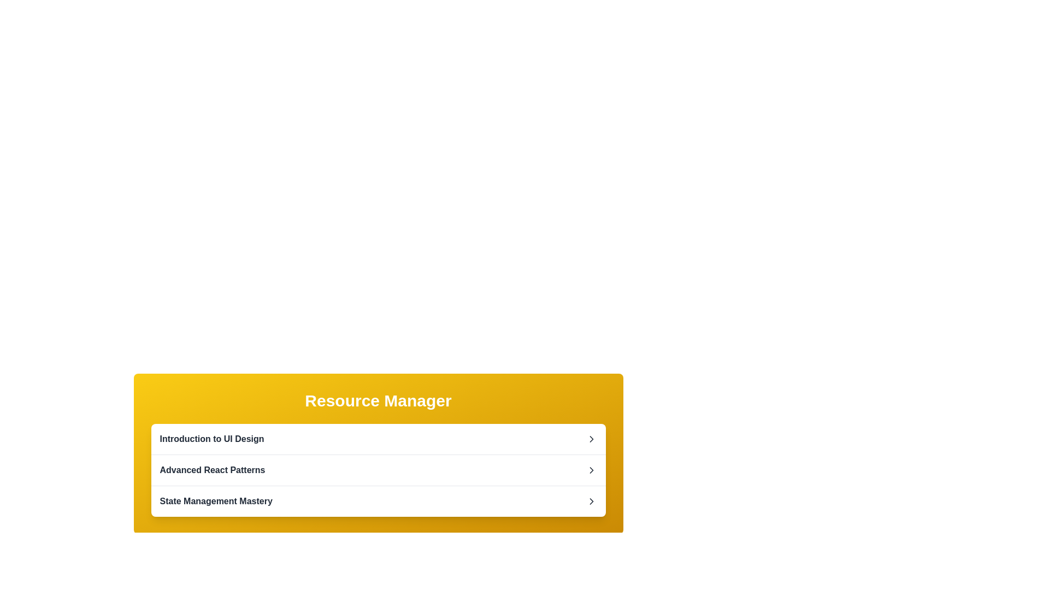 The width and height of the screenshot is (1049, 590). Describe the element at coordinates (378, 469) in the screenshot. I see `the second clickable list item in the 'Resource Manager' section` at that location.